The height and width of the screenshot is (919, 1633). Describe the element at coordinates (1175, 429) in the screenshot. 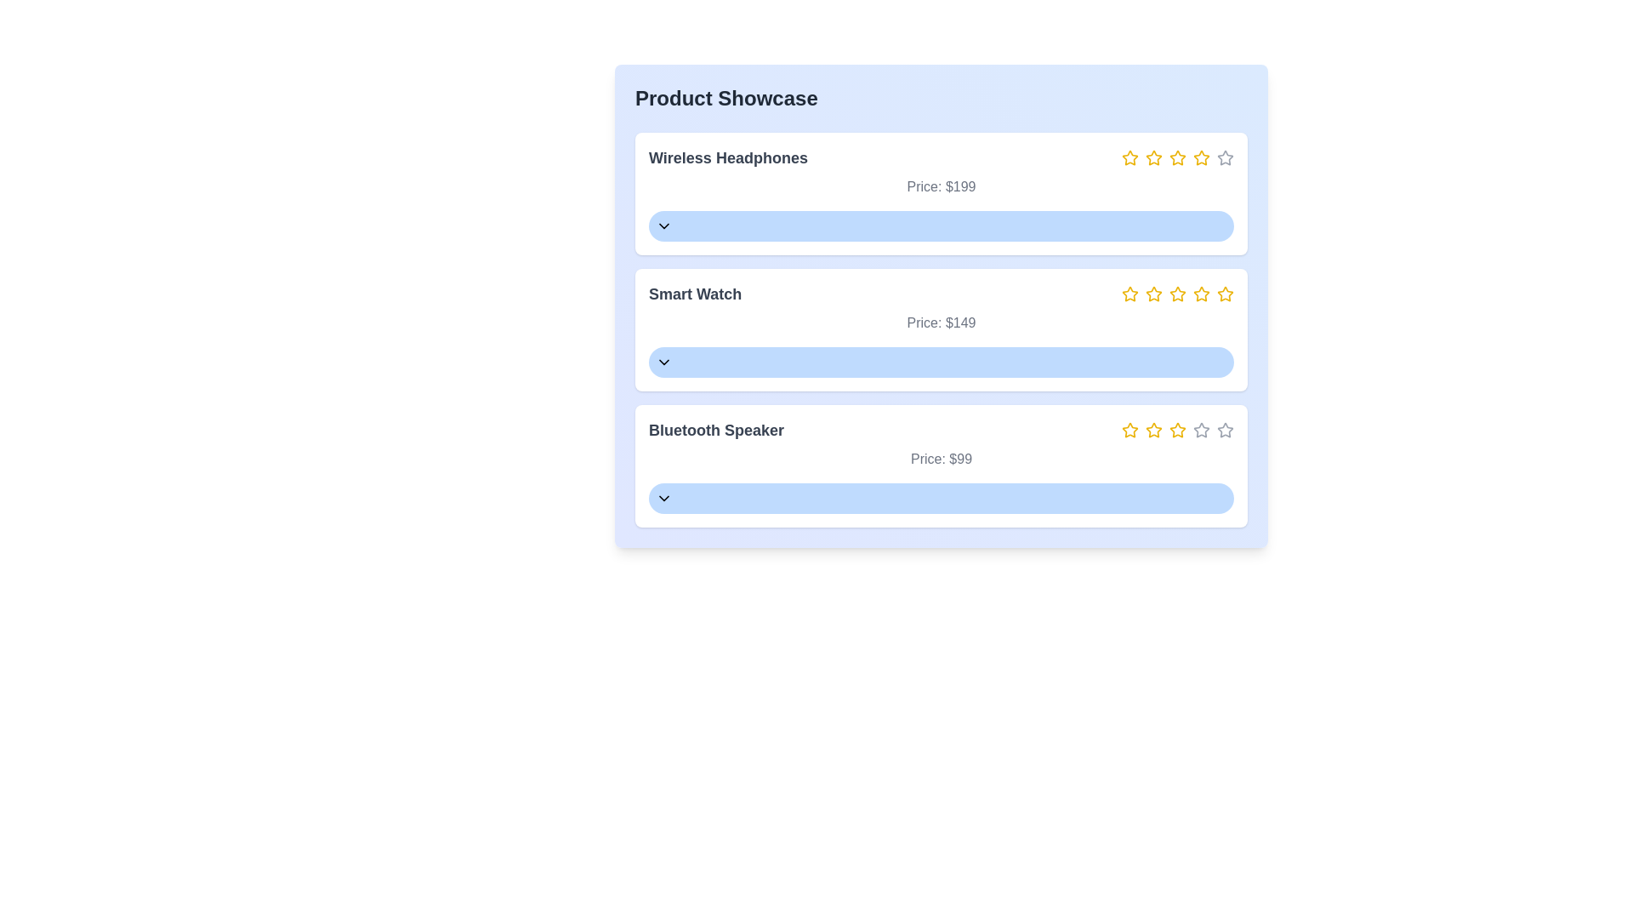

I see `the third star icon in the 5-star rating system under the 'Bluetooth Speaker' item to change the rating` at that location.